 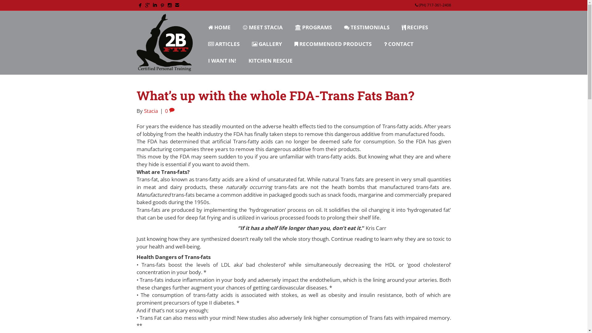 What do you see at coordinates (169, 110) in the screenshot?
I see `'0'` at bounding box center [169, 110].